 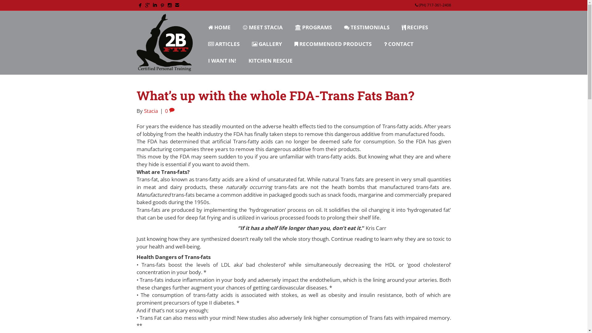 What do you see at coordinates (169, 110) in the screenshot?
I see `'0'` at bounding box center [169, 110].